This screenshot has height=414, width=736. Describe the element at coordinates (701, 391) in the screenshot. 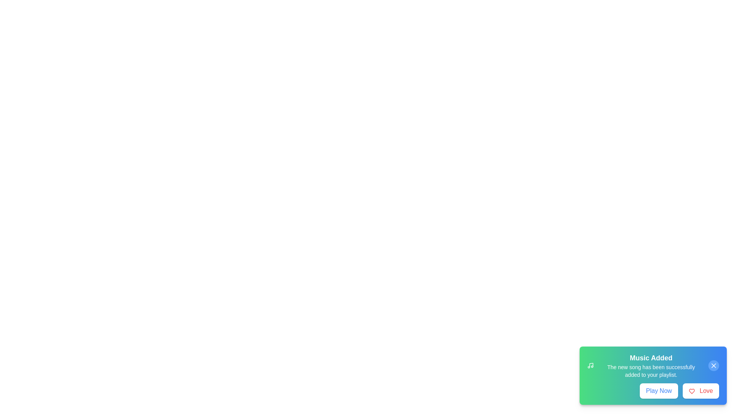

I see `the 'Love' button to mark the song as loved` at that location.